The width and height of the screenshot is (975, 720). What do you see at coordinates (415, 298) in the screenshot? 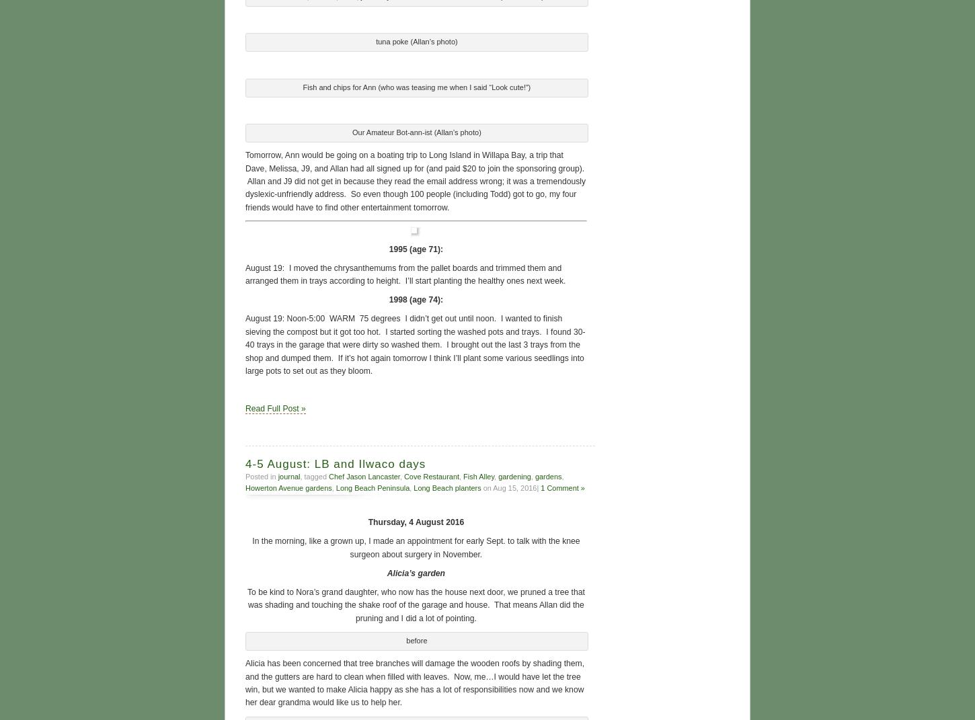
I see `'1998 (age 74):'` at bounding box center [415, 298].